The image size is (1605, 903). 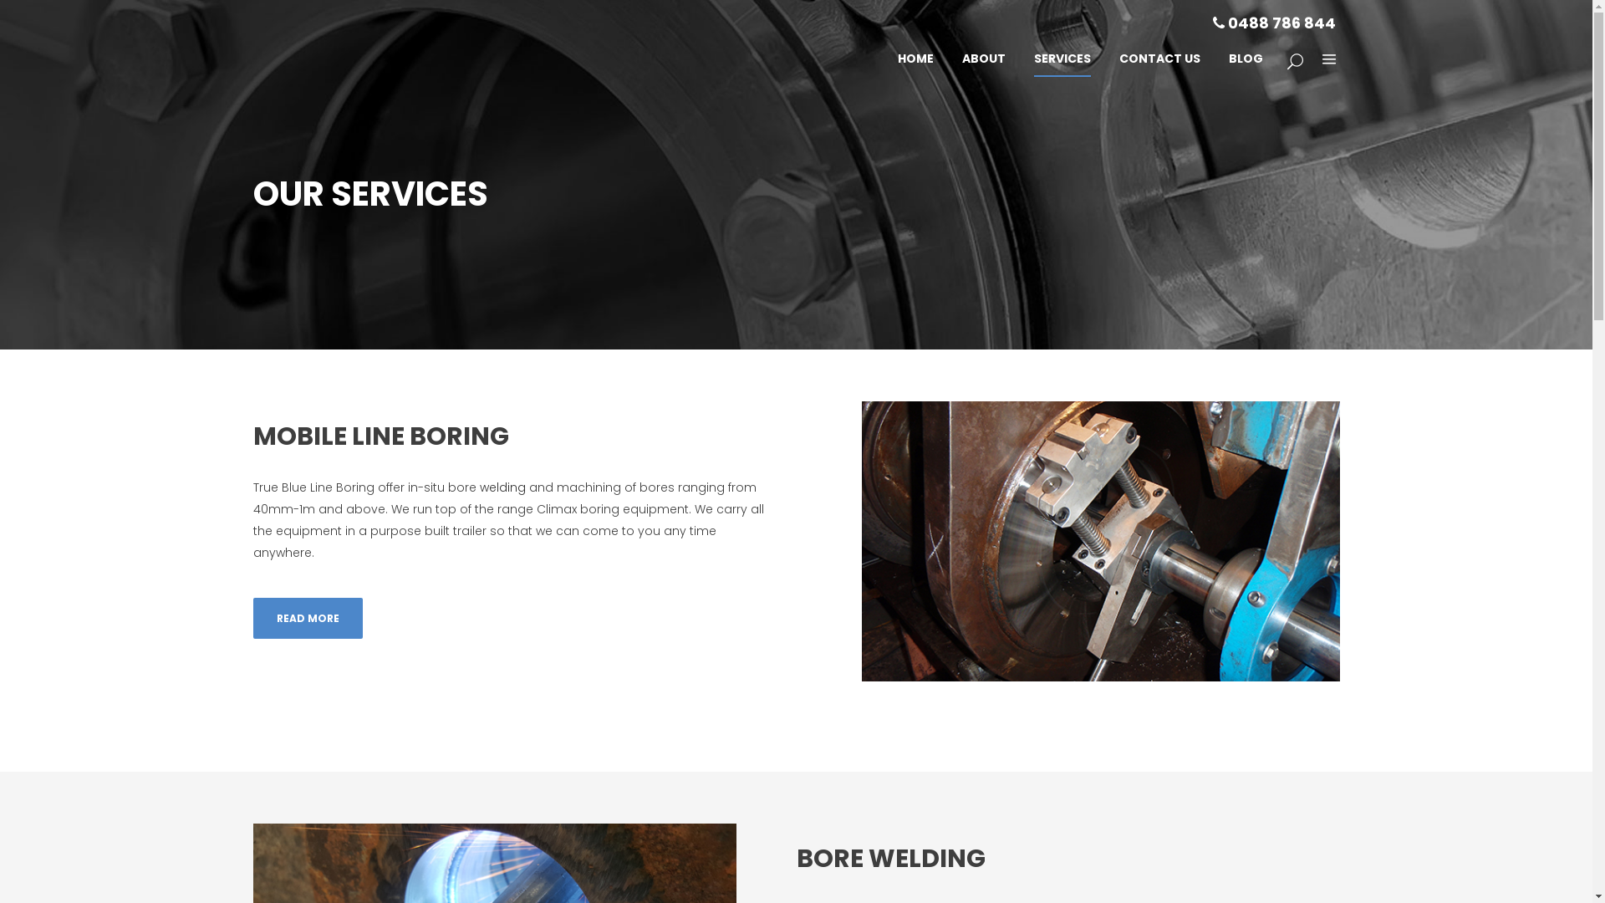 I want to click on 'HOME', so click(x=914, y=57).